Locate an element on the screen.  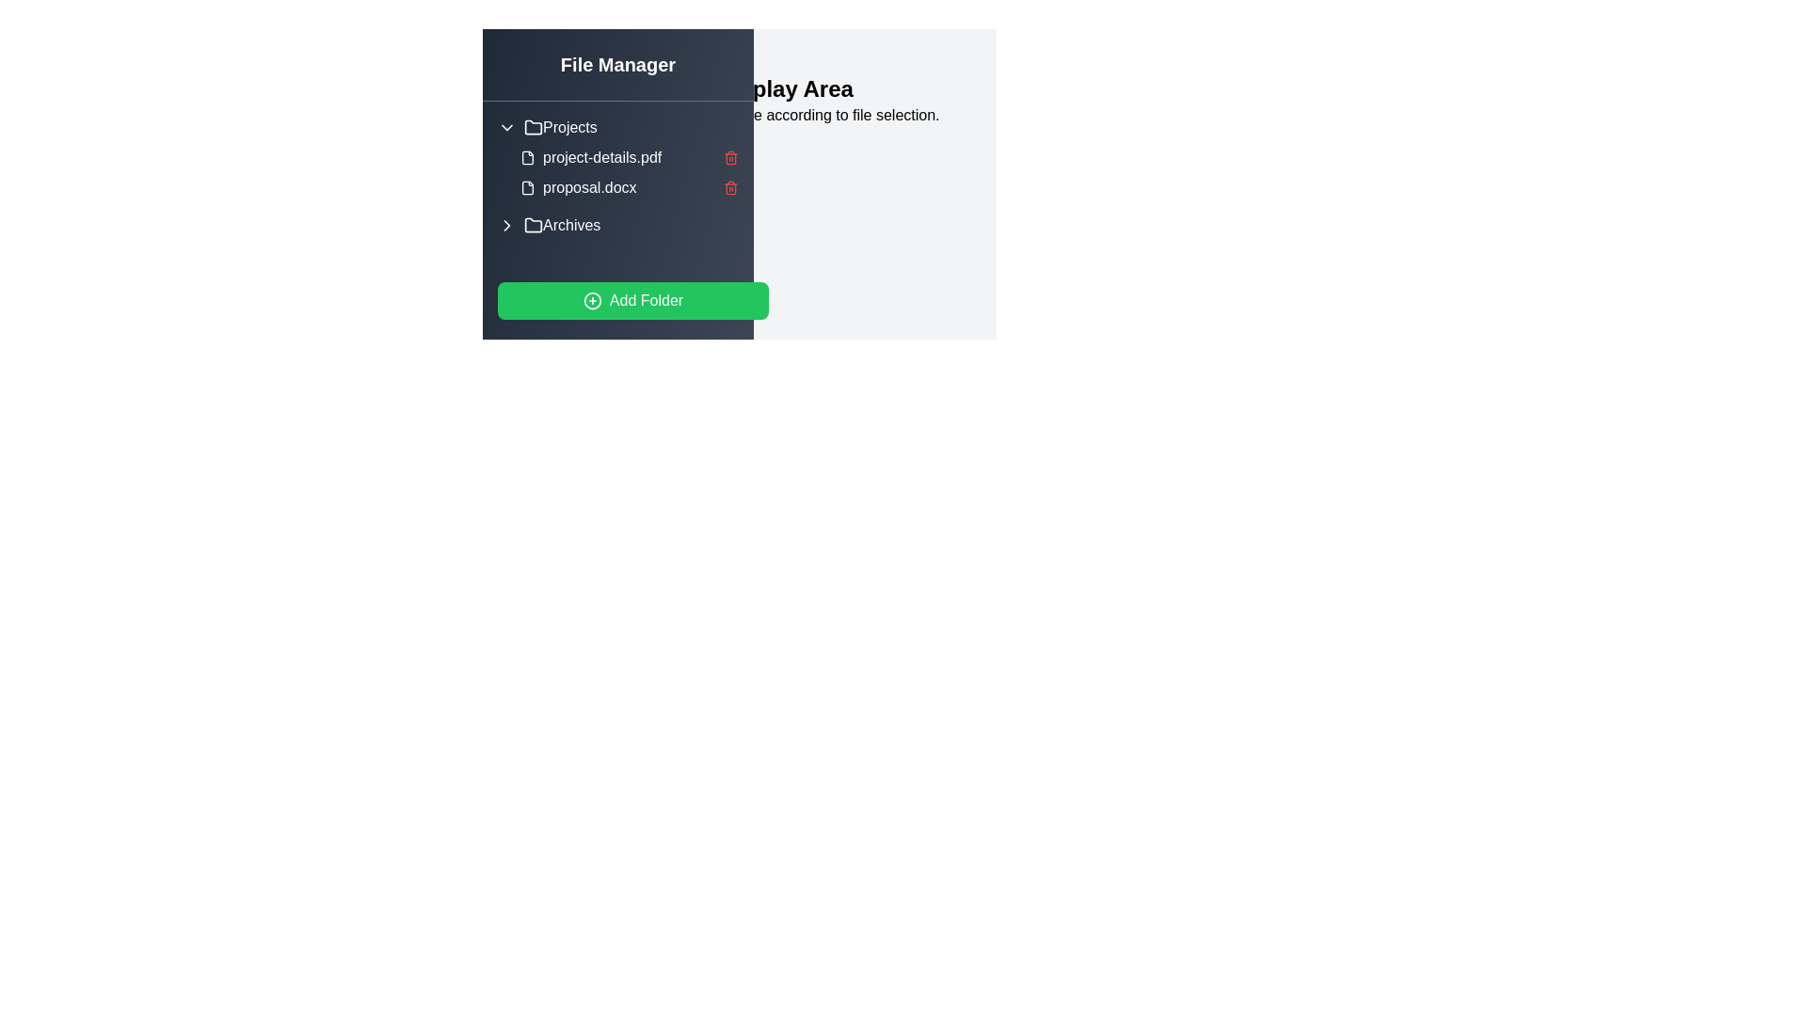
the file entry row labeled 'project-details.pdf' is located at coordinates (629, 157).